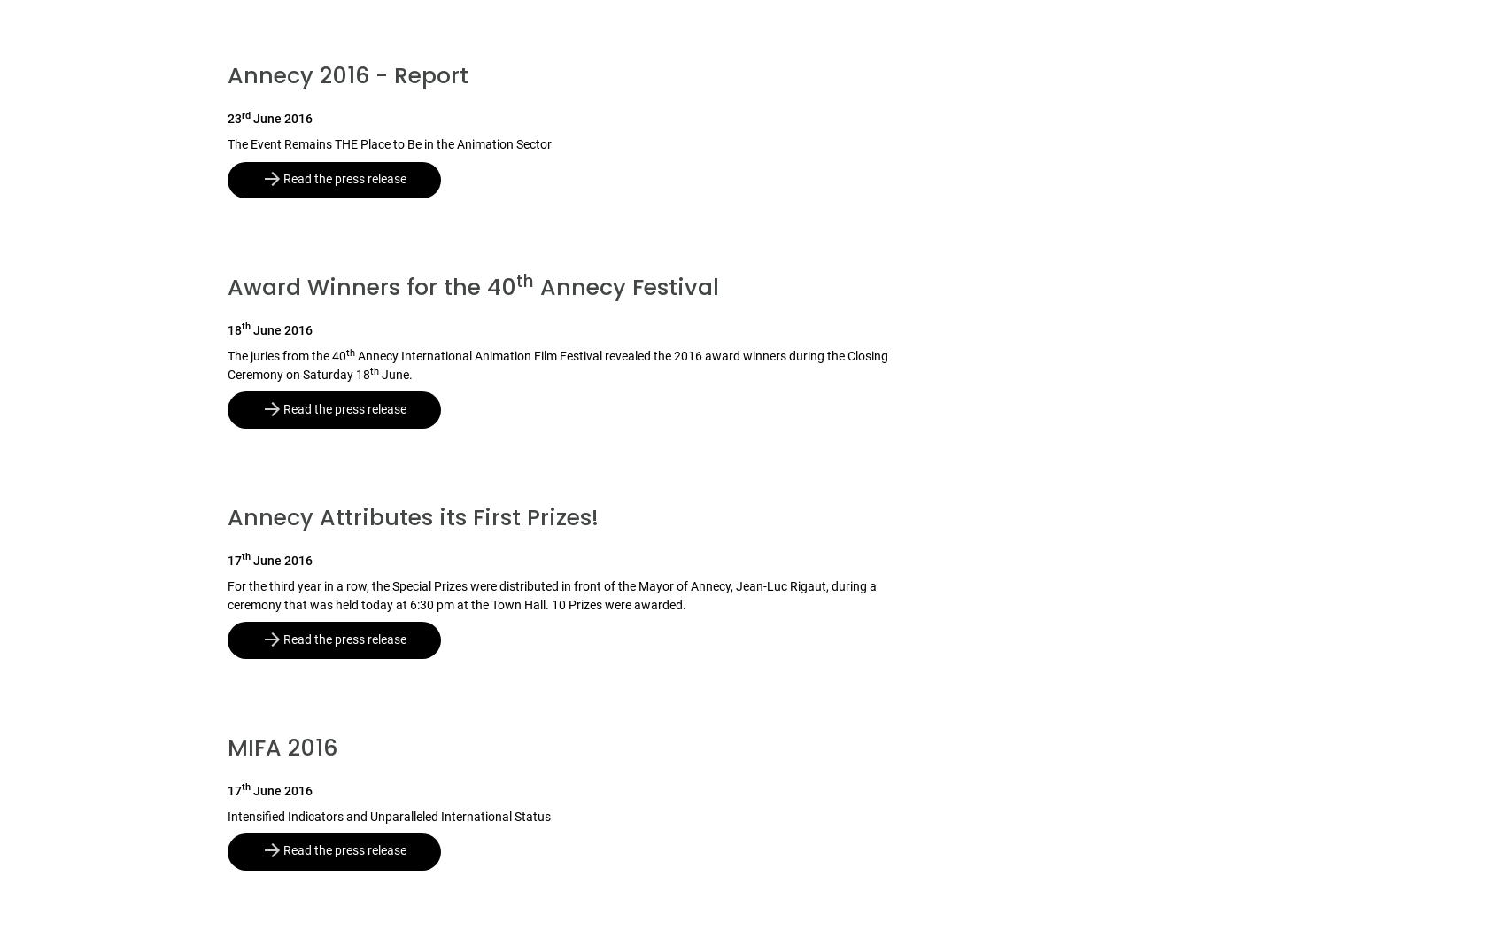 The image size is (1509, 930). What do you see at coordinates (395, 374) in the screenshot?
I see `'June.'` at bounding box center [395, 374].